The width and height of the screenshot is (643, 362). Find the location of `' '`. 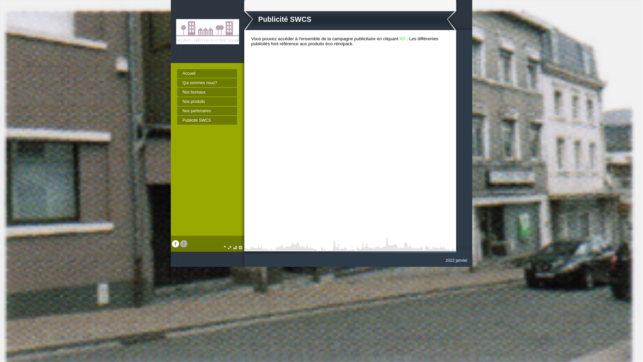

' ' is located at coordinates (176, 246).